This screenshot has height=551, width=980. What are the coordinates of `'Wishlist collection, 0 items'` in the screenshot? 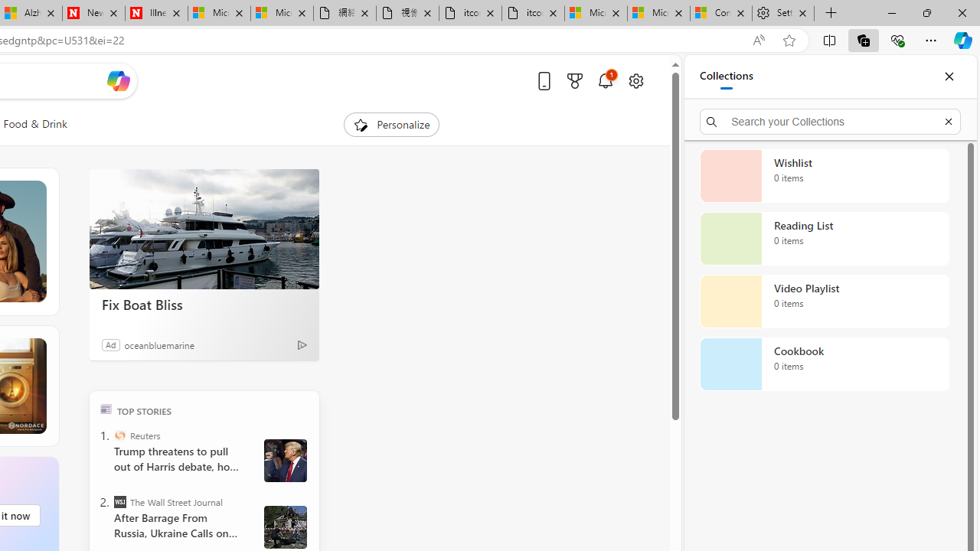 It's located at (824, 175).